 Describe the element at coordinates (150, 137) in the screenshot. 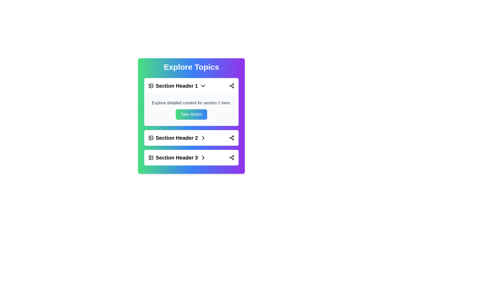

I see `the icon element representing an image placeholder, located to the immediate left of the text 'Section Header 2'` at that location.